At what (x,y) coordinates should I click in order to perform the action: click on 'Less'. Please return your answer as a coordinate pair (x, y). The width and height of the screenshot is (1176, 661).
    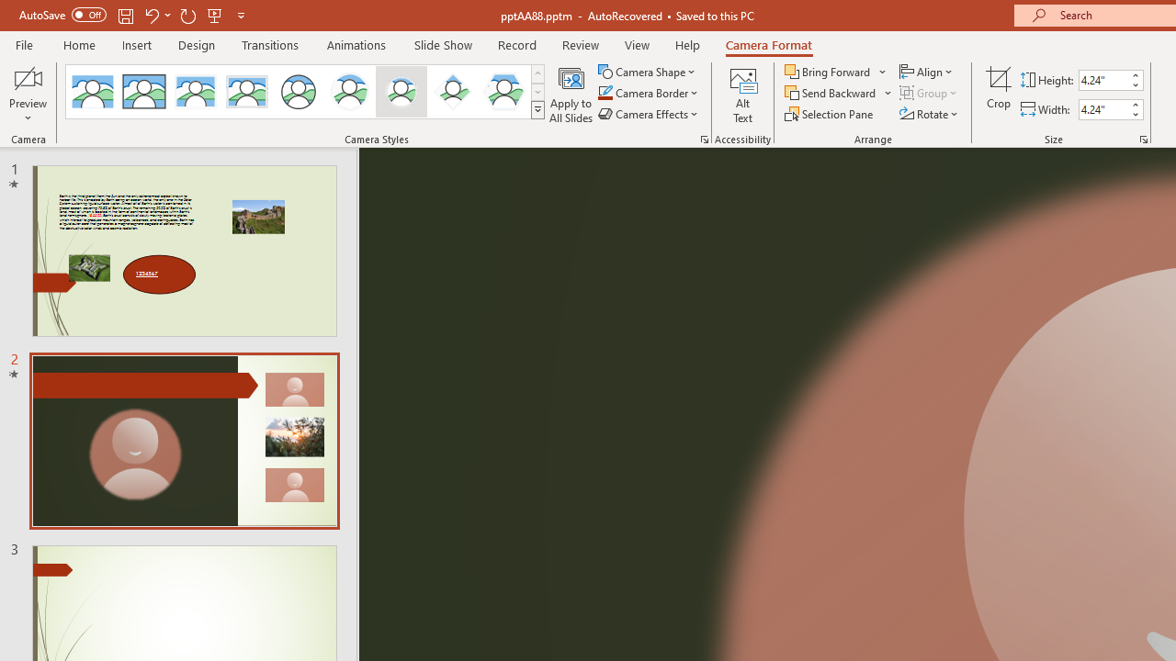
    Looking at the image, I should click on (1134, 114).